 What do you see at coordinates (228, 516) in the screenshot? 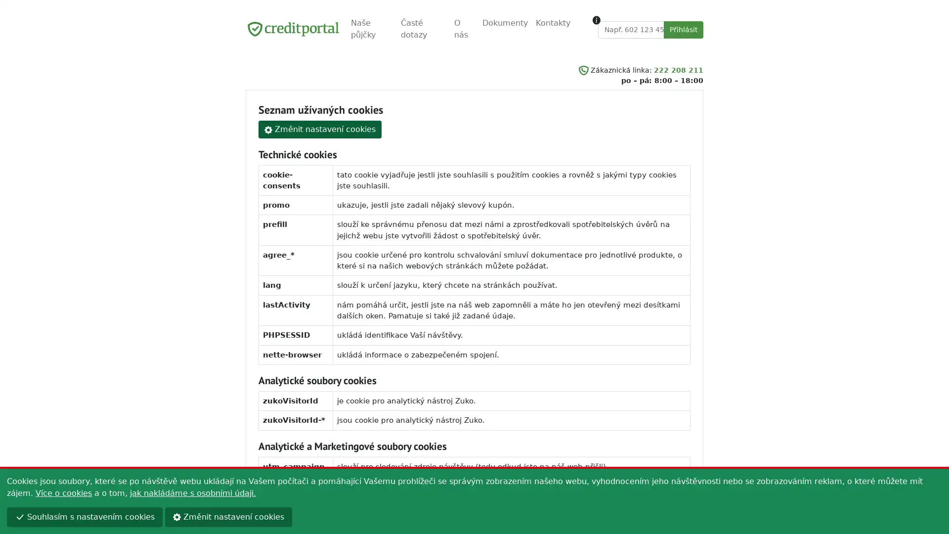
I see `Zmenit nastaveni cookies` at bounding box center [228, 516].